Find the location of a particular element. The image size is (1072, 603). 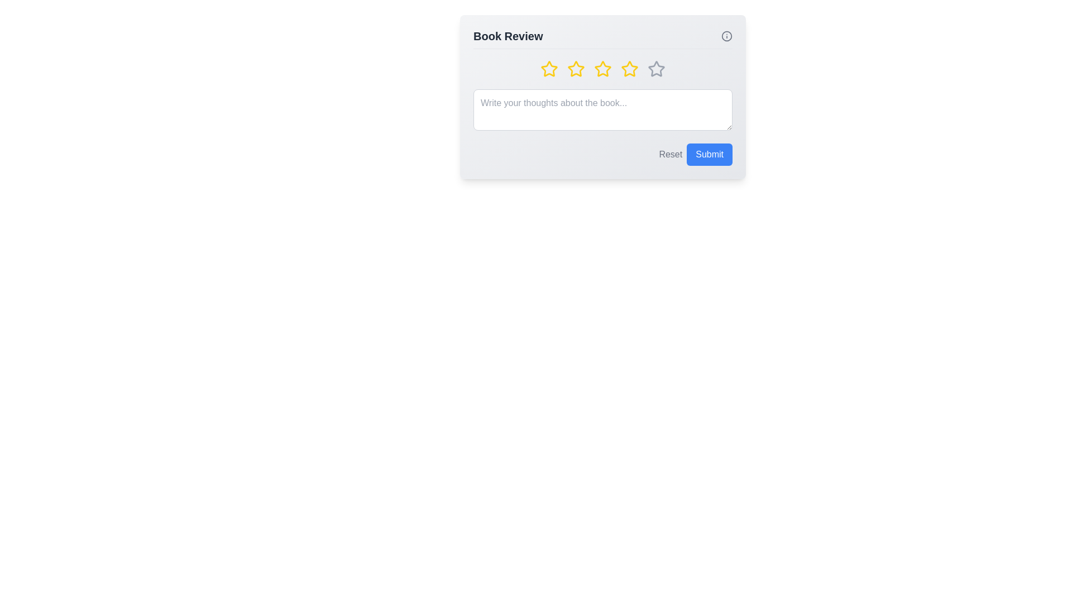

the 'Reset' button to reset the review and rating is located at coordinates (670, 155).